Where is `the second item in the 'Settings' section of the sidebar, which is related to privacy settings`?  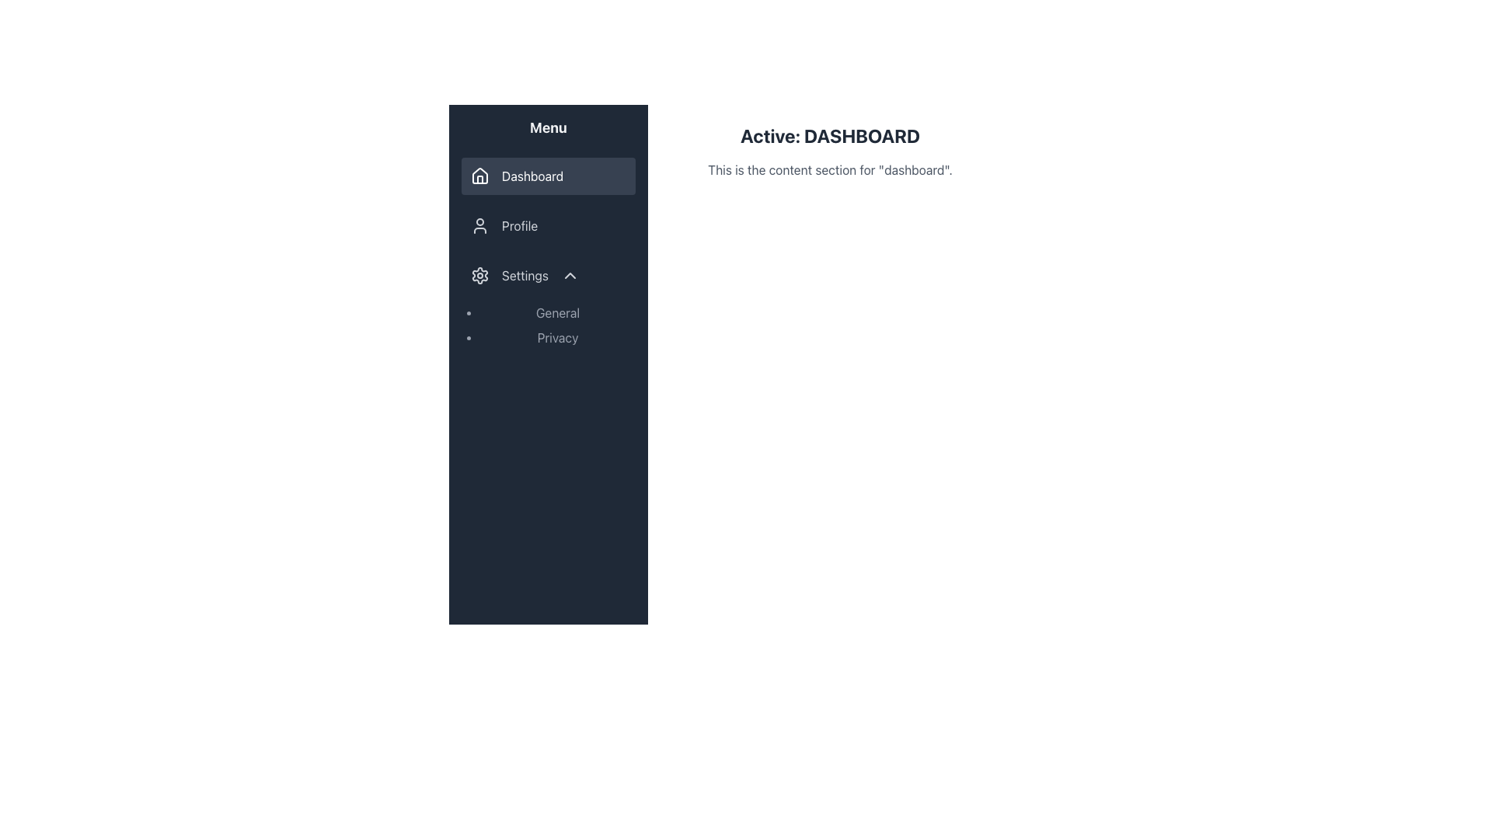 the second item in the 'Settings' section of the sidebar, which is related to privacy settings is located at coordinates (558, 337).